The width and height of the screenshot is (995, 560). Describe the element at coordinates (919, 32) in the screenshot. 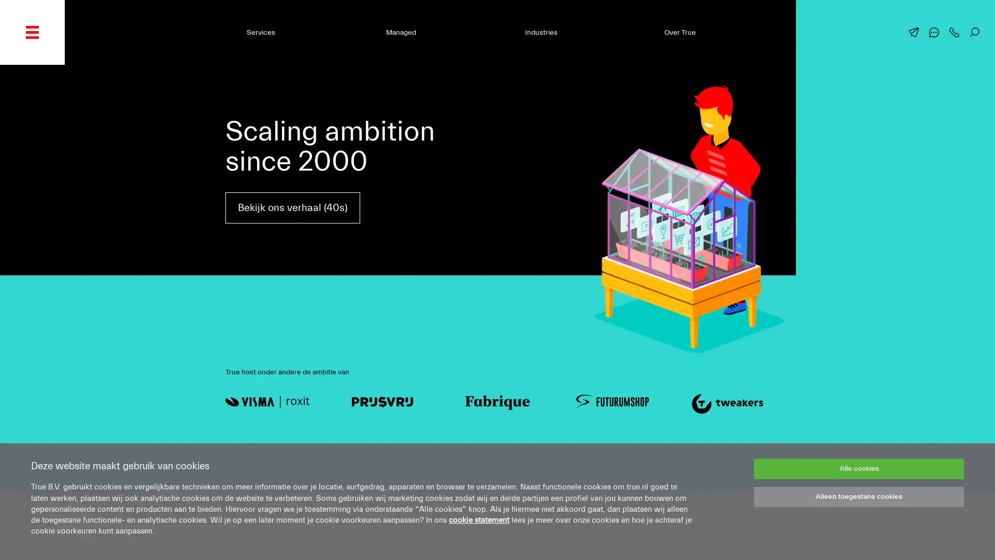

I see `Mail ons` at that location.